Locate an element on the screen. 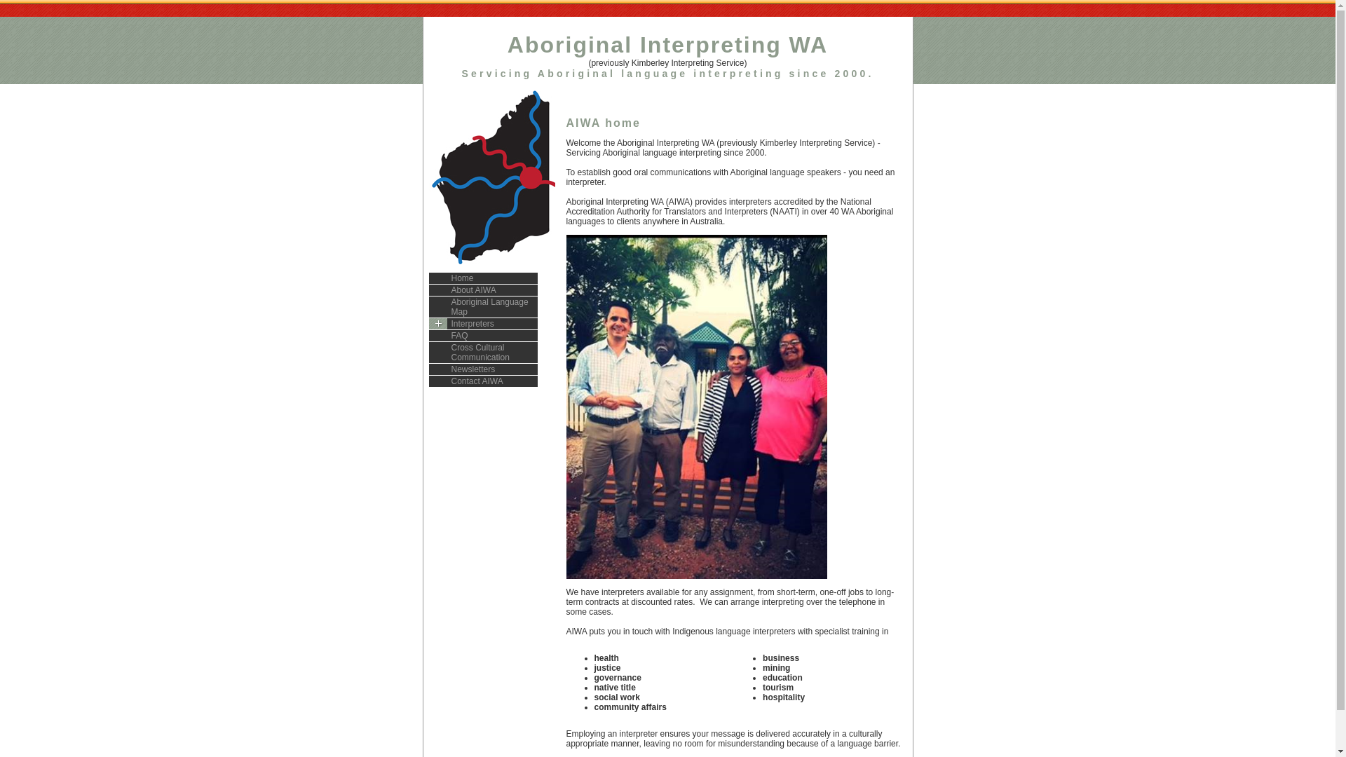  'Aboriginal Language Map' is located at coordinates (483, 306).